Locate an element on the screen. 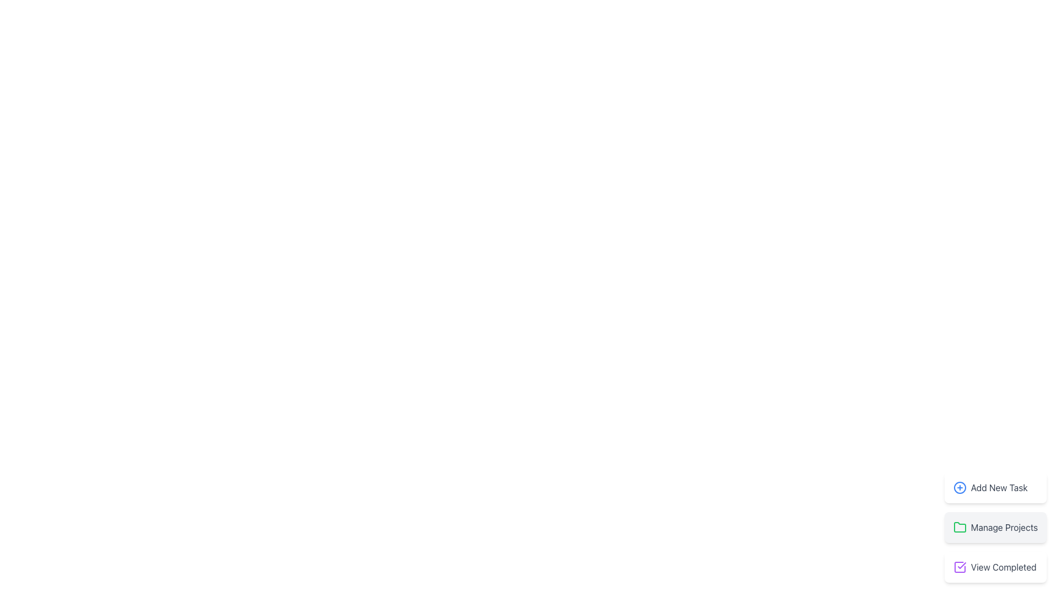  the checkbox icon indicating completion, located adjacent to the 'View Completed' text label in the bottom section of the interface is located at coordinates (959, 567).